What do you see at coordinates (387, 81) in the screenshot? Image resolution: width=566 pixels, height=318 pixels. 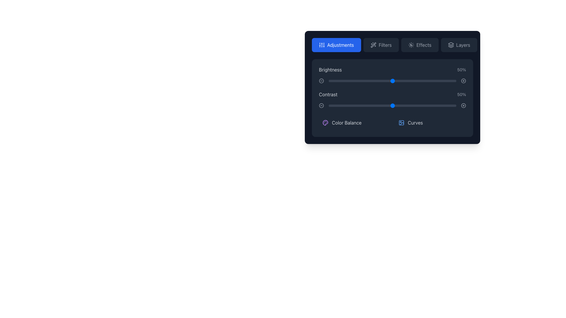 I see `brightness` at bounding box center [387, 81].